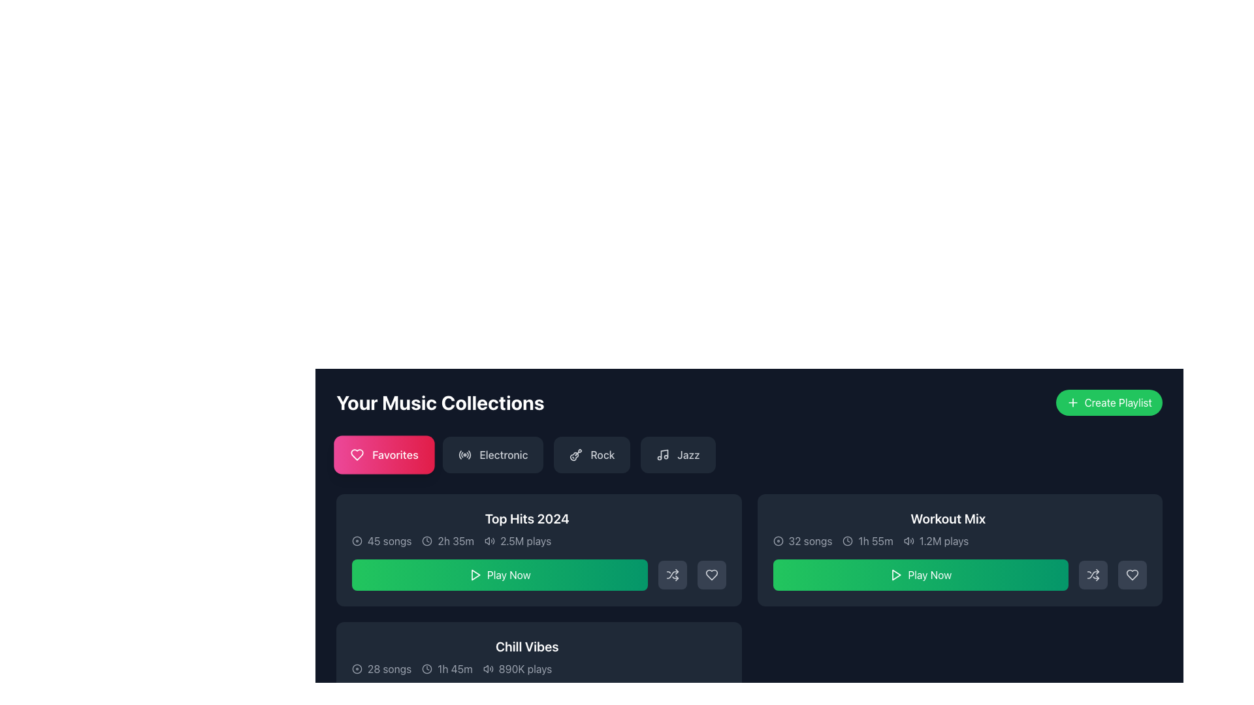 The image size is (1254, 705). Describe the element at coordinates (508, 574) in the screenshot. I see `the 'Play Now' text label, which is displayed in white font against a green gradient button in the 'Top Hits 2024' section, to trigger visual feedback` at that location.